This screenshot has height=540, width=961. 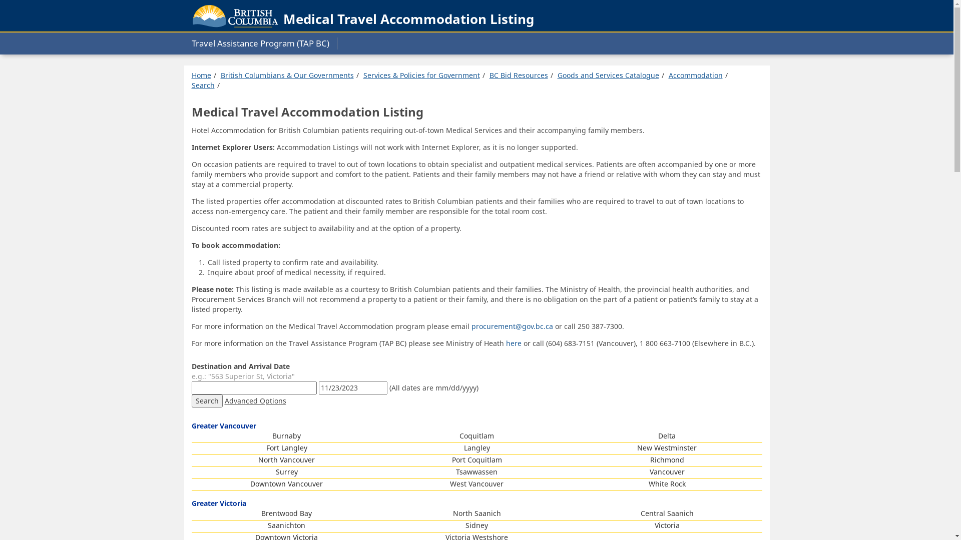 What do you see at coordinates (668, 74) in the screenshot?
I see `'Accommodation'` at bounding box center [668, 74].